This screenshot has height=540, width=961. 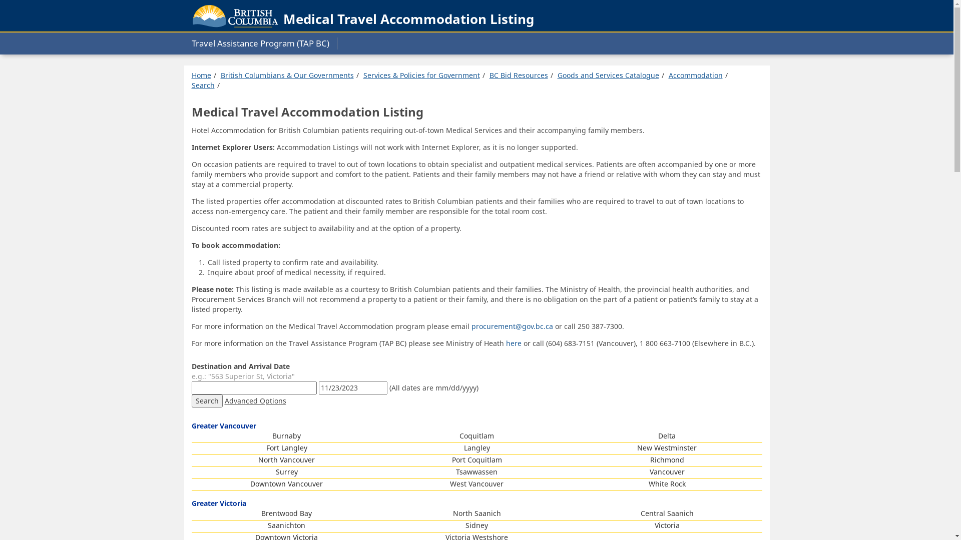 What do you see at coordinates (668, 74) in the screenshot?
I see `'Accommodation'` at bounding box center [668, 74].